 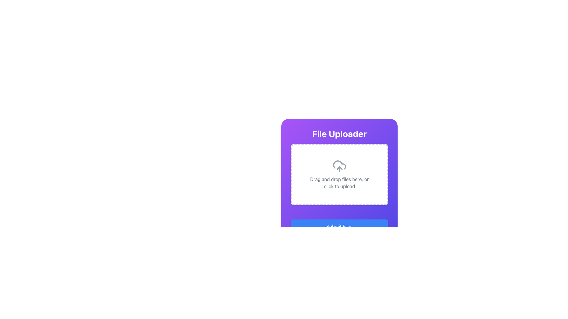 I want to click on the upload icon in the file uploader section, which is visually represented by a recognizable symbol for adding files, located above the text 'Drag and drop files here, or click to upload', so click(x=339, y=166).